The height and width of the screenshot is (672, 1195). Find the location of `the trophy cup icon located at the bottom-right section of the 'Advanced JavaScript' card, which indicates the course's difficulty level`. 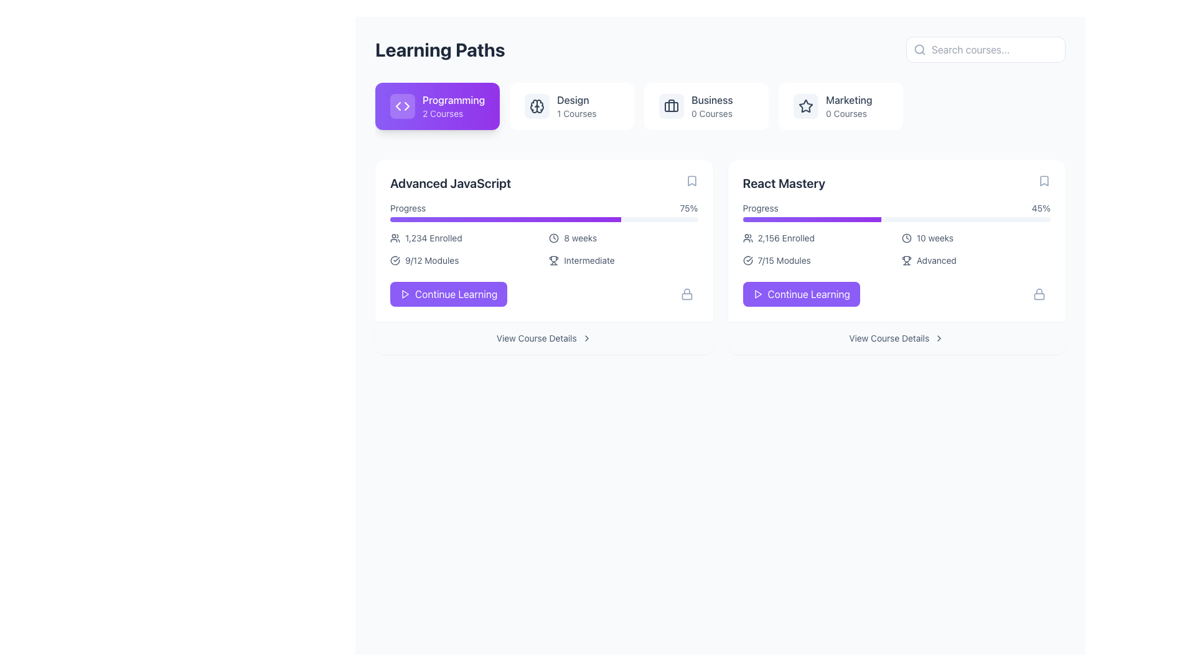

the trophy cup icon located at the bottom-right section of the 'Advanced JavaScript' card, which indicates the course's difficulty level is located at coordinates (553, 258).